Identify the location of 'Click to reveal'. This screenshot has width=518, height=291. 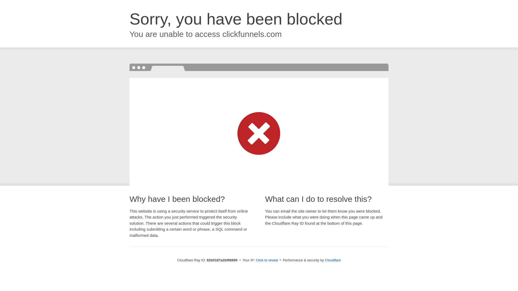
(267, 260).